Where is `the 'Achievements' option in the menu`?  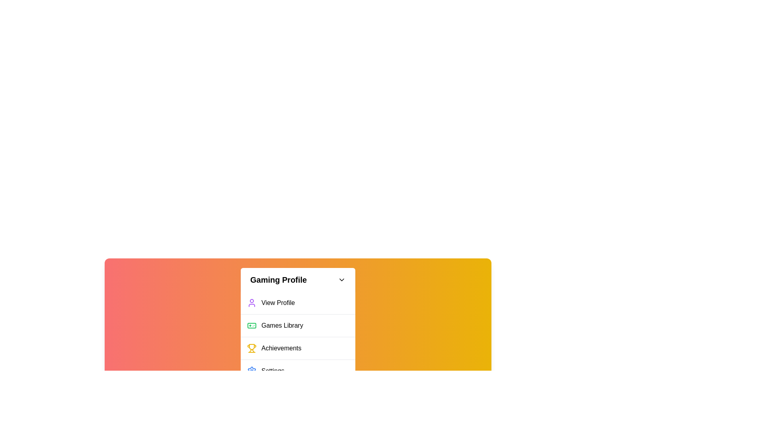 the 'Achievements' option in the menu is located at coordinates (297, 348).